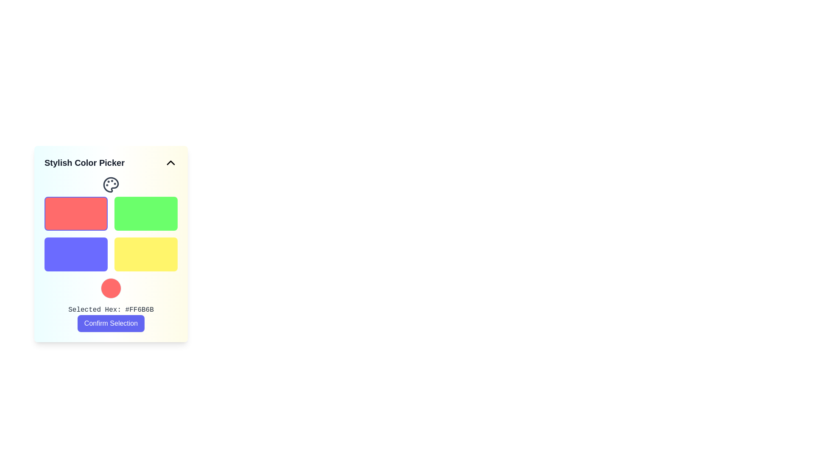 Image resolution: width=814 pixels, height=458 pixels. What do you see at coordinates (111, 184) in the screenshot?
I see `the painter's palette icon, which is styled with an outline and multiple circular holes, located near the top of the interface and above a color grid` at bounding box center [111, 184].